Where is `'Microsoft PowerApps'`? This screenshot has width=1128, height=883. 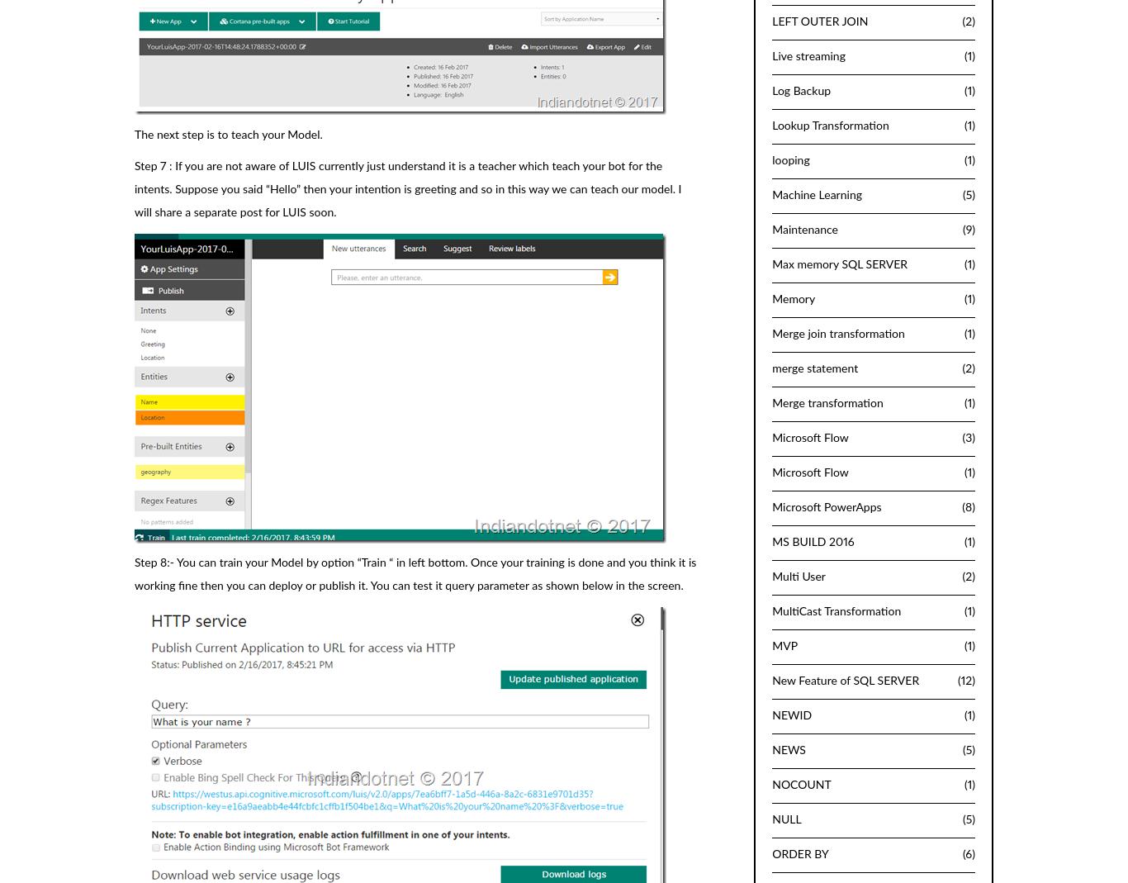
'Microsoft PowerApps' is located at coordinates (772, 507).